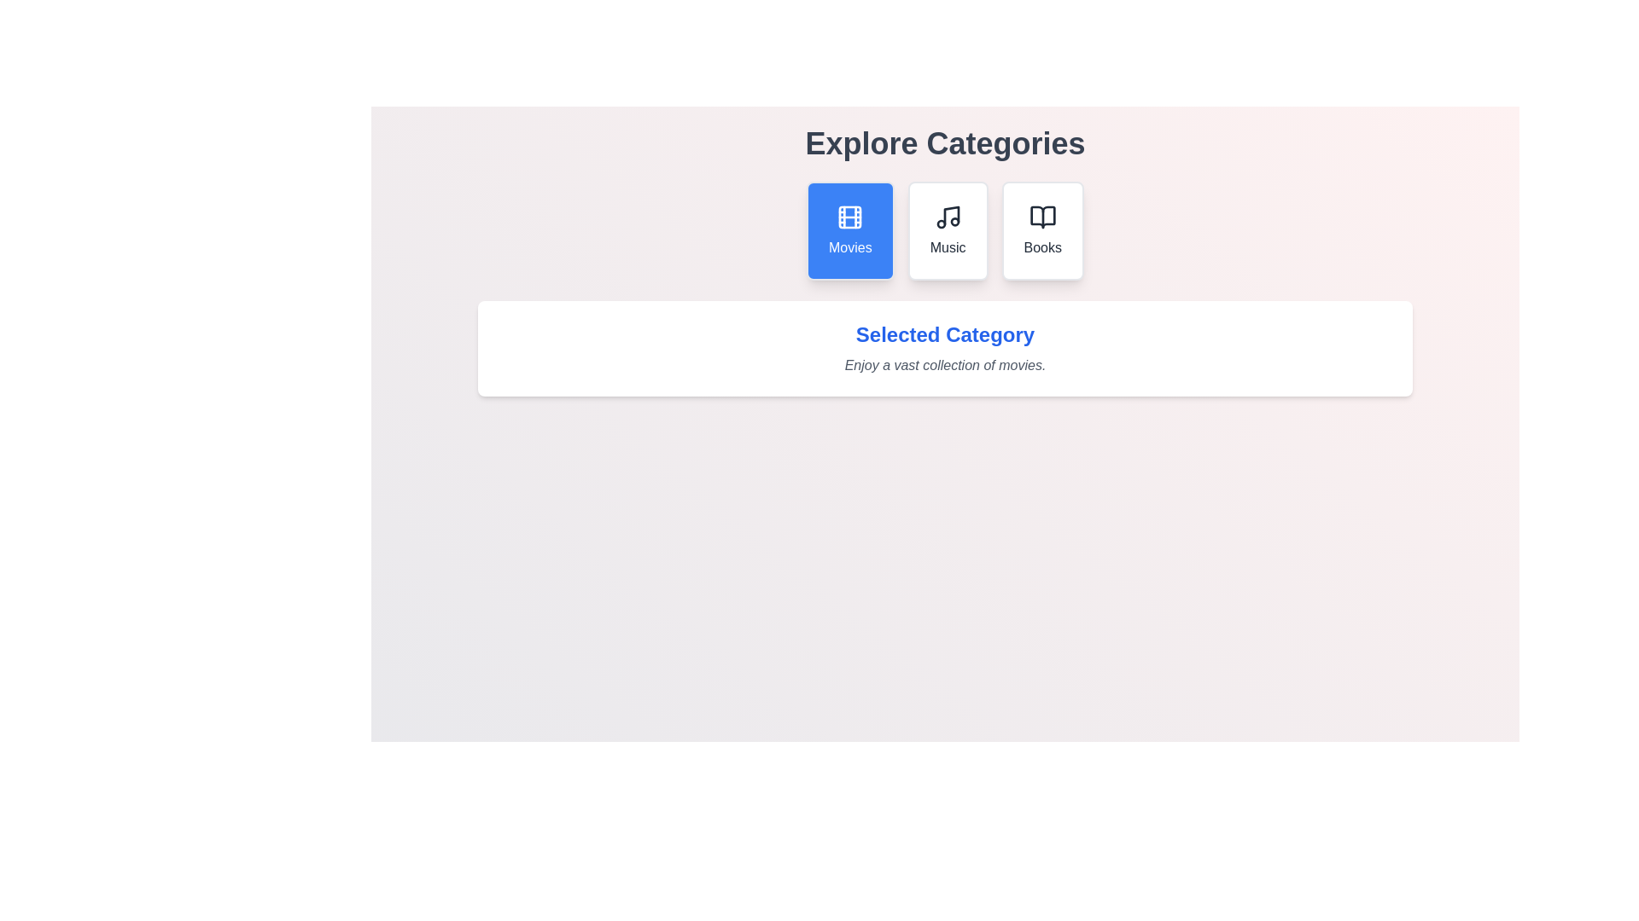 Image resolution: width=1639 pixels, height=921 pixels. Describe the element at coordinates (947, 230) in the screenshot. I see `the Music button to select it` at that location.